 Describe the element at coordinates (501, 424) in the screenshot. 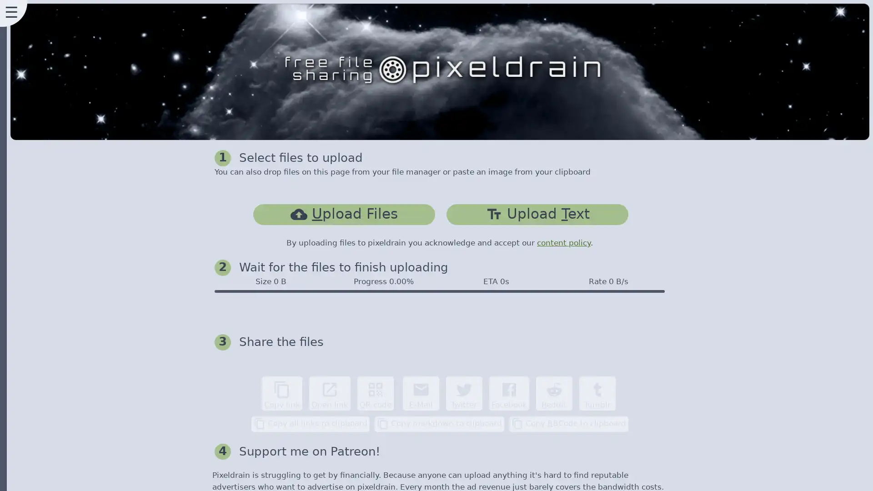

I see `content_copy Copy markdown to clipboard` at that location.